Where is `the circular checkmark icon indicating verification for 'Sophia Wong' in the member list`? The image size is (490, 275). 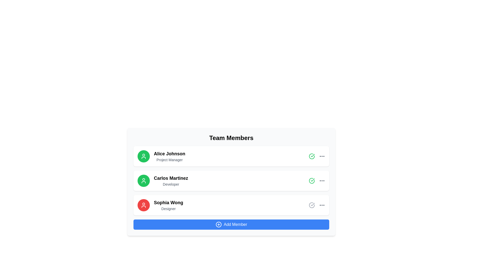 the circular checkmark icon indicating verification for 'Sophia Wong' in the member list is located at coordinates (312, 205).